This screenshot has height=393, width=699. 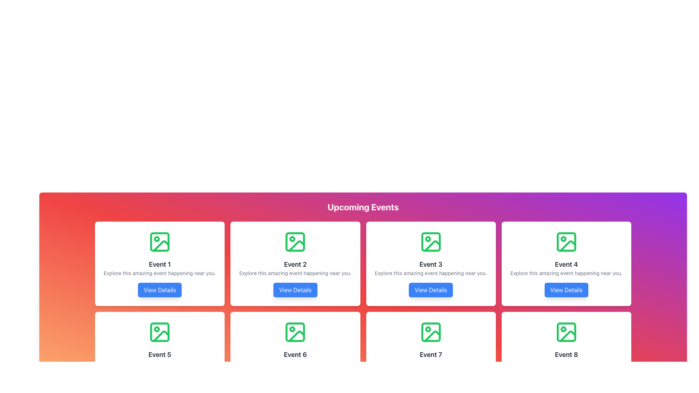 What do you see at coordinates (431, 332) in the screenshot?
I see `the green outlined icon shaped like a photographic image located at the top center of the 'Event 7' card in the lower row of the grid` at bounding box center [431, 332].